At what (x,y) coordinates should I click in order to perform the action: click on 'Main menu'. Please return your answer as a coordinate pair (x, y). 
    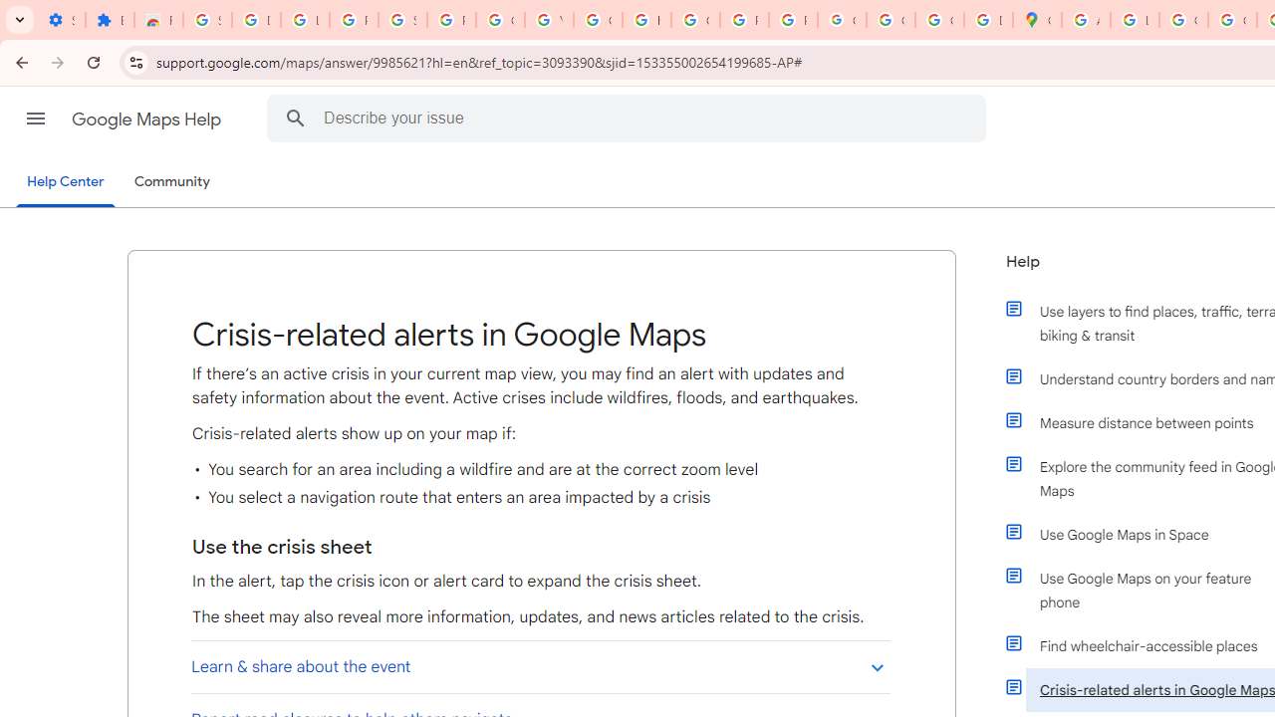
    Looking at the image, I should click on (35, 119).